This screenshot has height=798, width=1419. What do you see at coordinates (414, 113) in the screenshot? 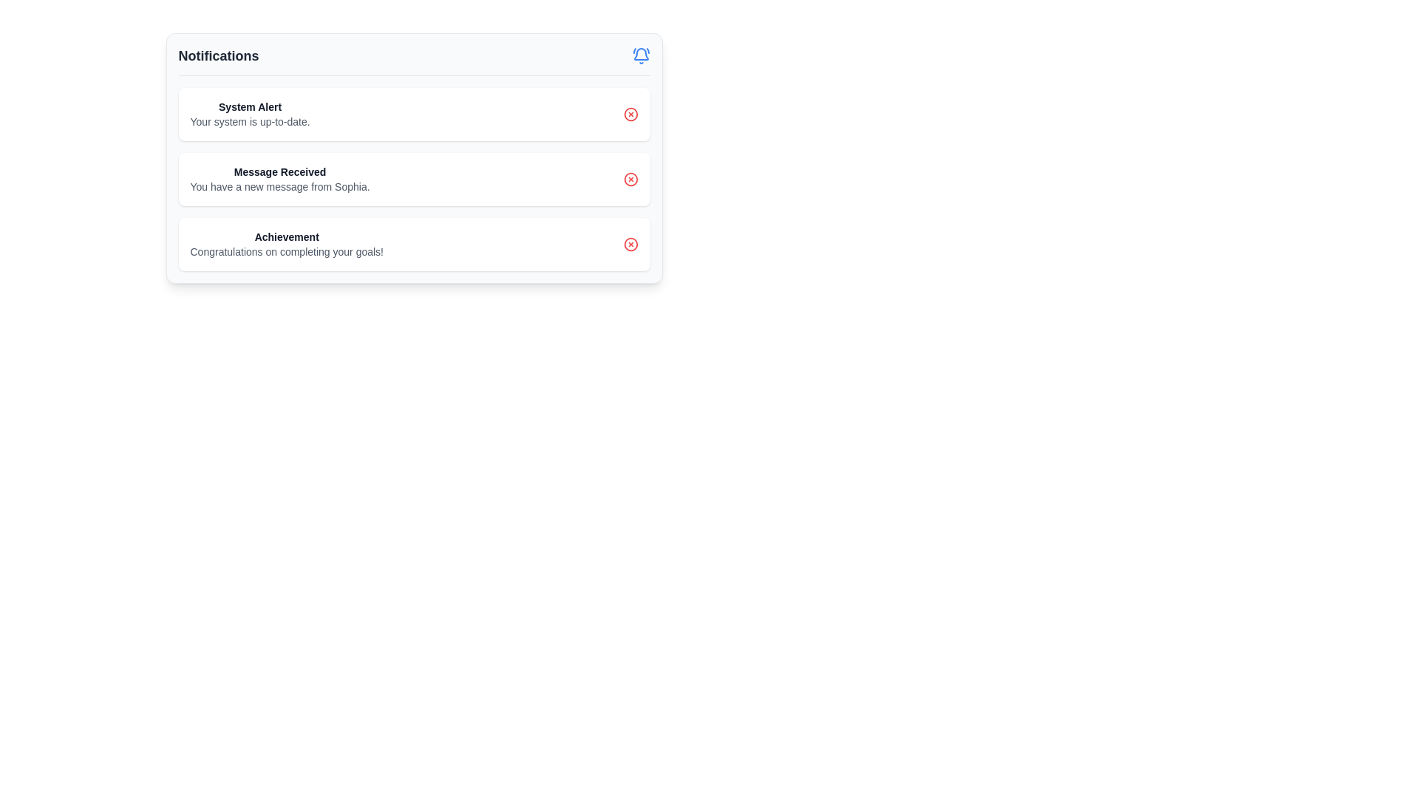
I see `the Notification or Alert Card indicating the system is up-to-date, located at the top of the notification list` at bounding box center [414, 113].